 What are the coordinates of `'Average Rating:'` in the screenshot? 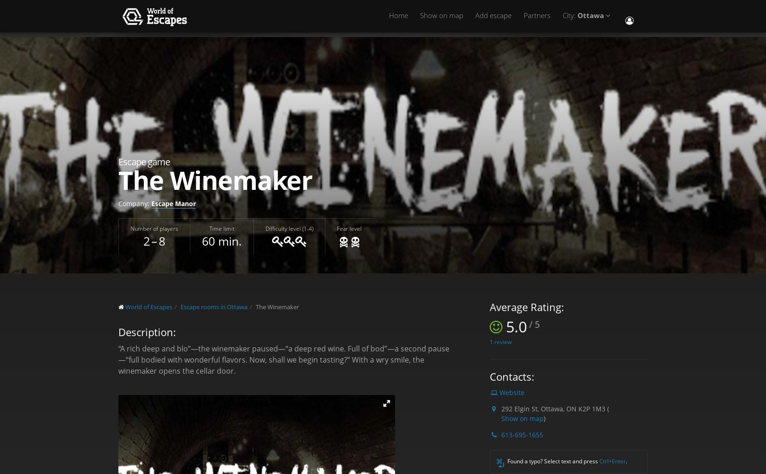 It's located at (527, 305).